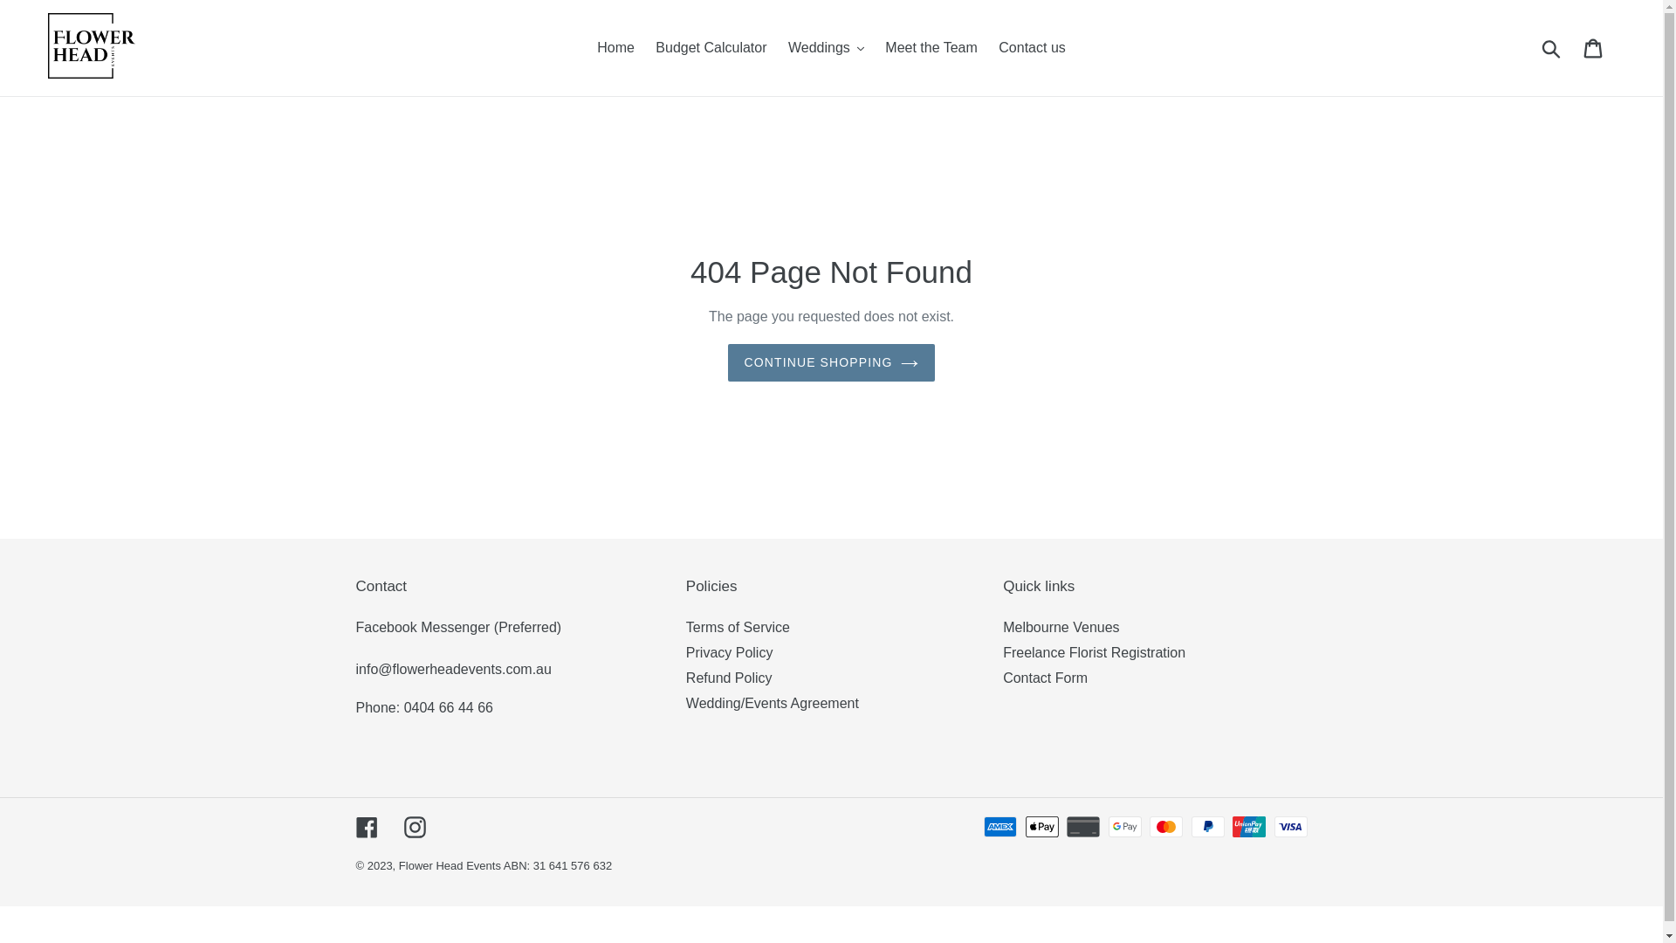  Describe the element at coordinates (729, 652) in the screenshot. I see `'Privacy Policy'` at that location.